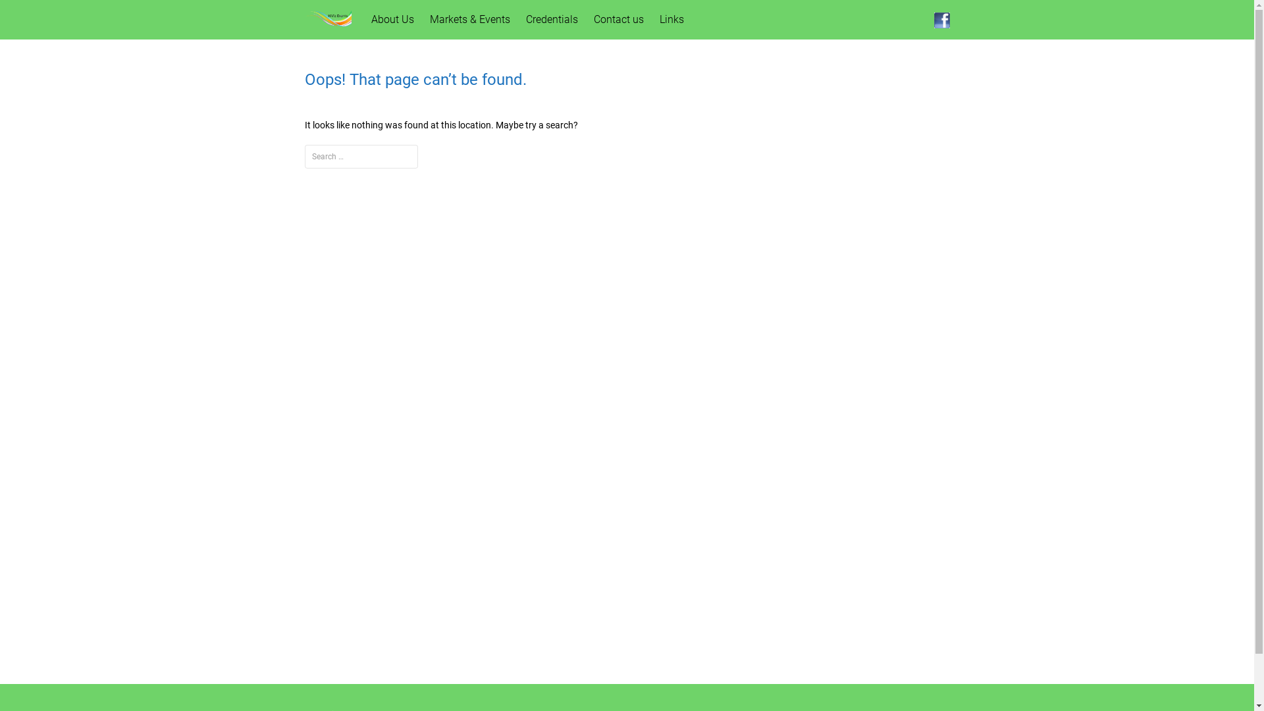 Image resolution: width=1264 pixels, height=711 pixels. Describe the element at coordinates (552, 20) in the screenshot. I see `'Credentials'` at that location.